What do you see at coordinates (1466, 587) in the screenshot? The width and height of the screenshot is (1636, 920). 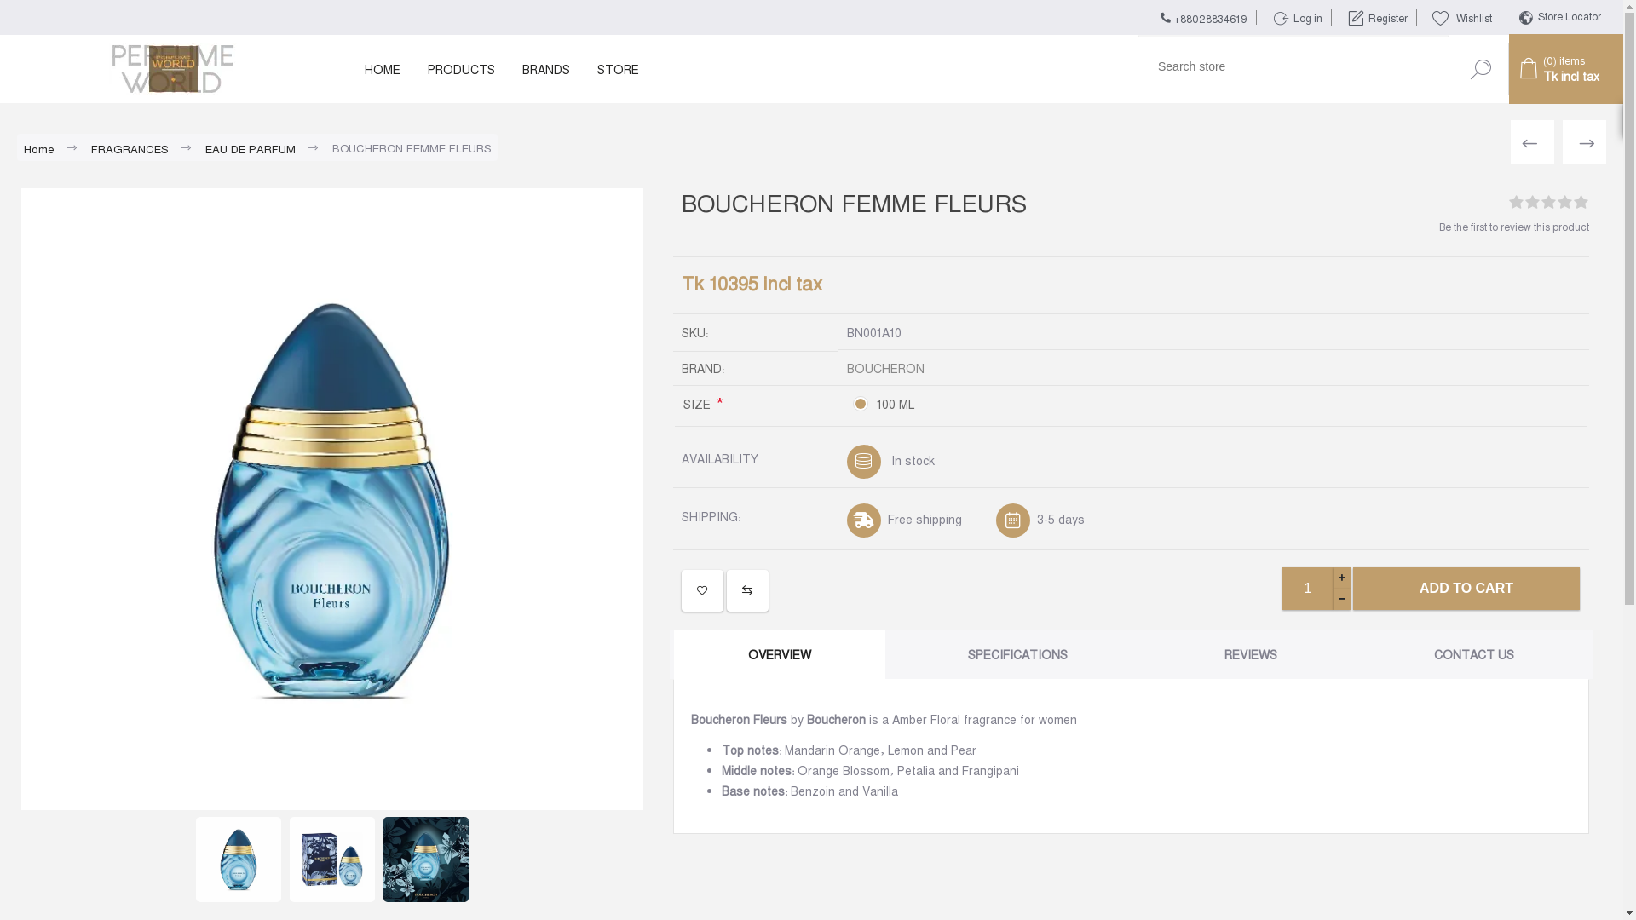 I see `'ADD TO CART'` at bounding box center [1466, 587].